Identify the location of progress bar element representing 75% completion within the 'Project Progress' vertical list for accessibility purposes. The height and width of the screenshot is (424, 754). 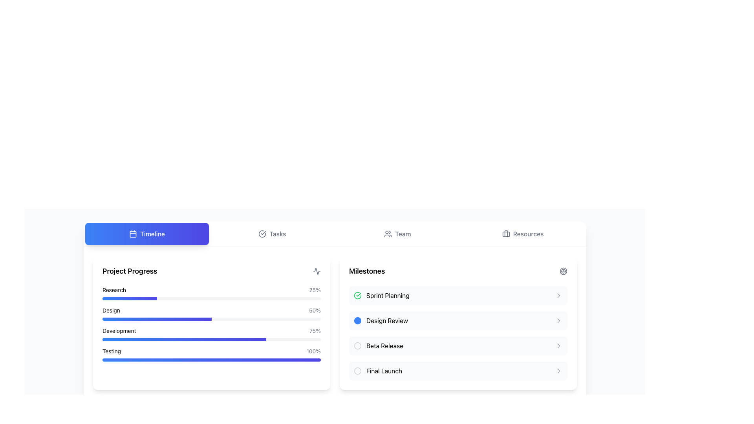
(211, 334).